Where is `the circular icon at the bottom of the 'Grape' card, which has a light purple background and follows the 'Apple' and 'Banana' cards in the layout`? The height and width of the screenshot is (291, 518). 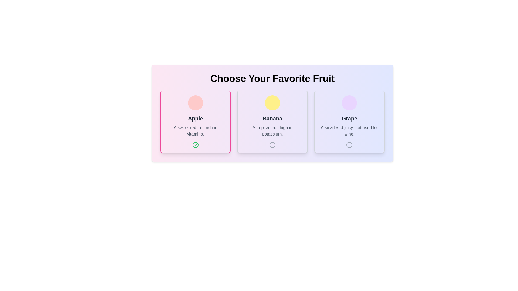
the circular icon at the bottom of the 'Grape' card, which has a light purple background and follows the 'Apple' and 'Banana' cards in the layout is located at coordinates (349, 122).